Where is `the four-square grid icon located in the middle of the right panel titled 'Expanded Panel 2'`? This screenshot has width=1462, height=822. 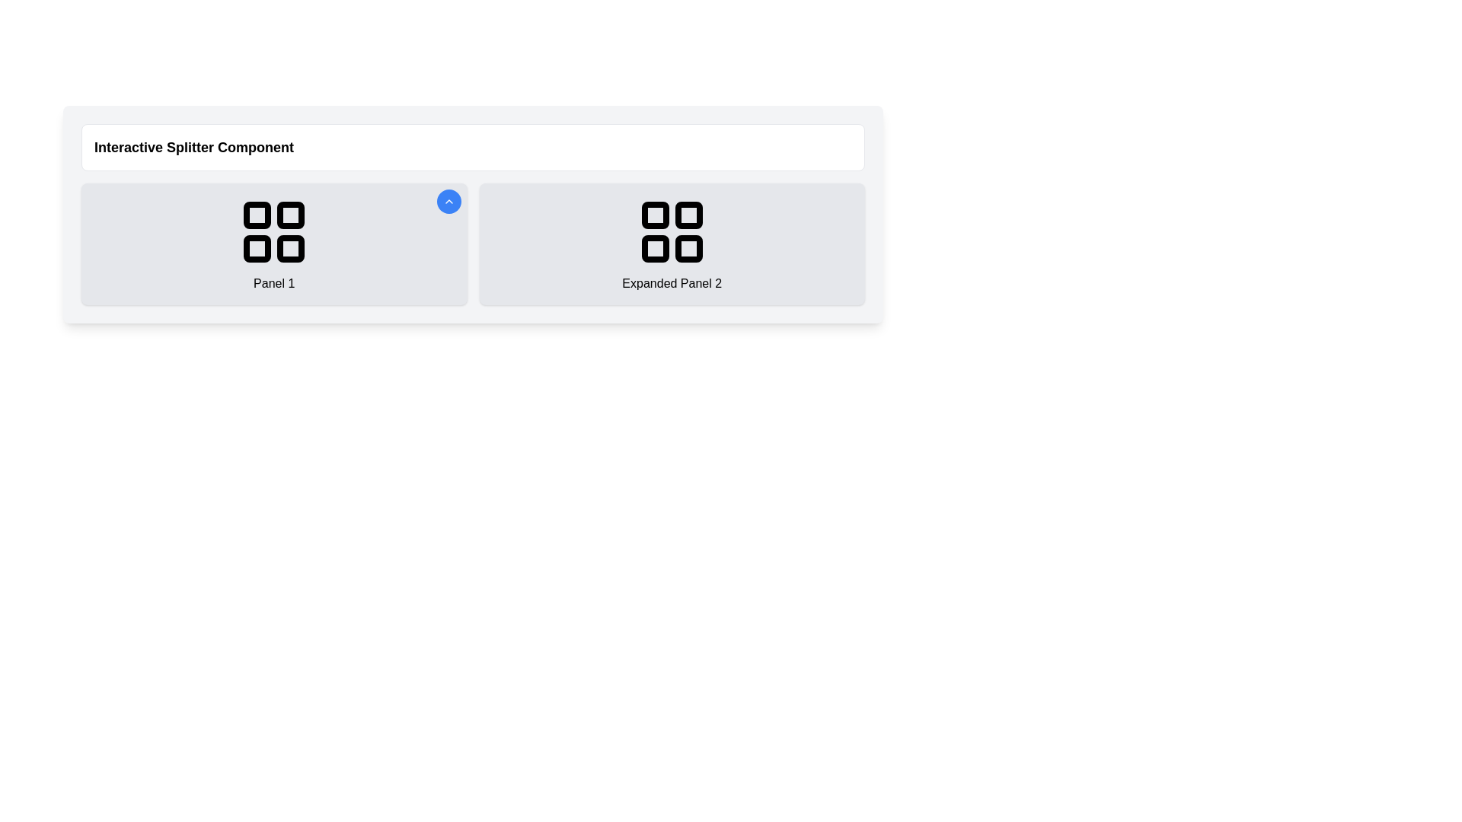 the four-square grid icon located in the middle of the right panel titled 'Expanded Panel 2' is located at coordinates (671, 231).